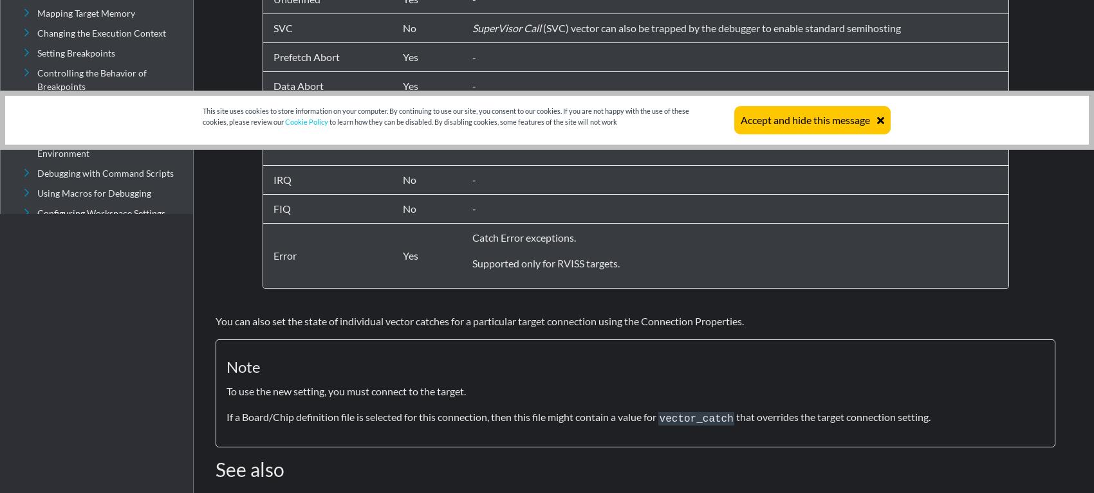  Describe the element at coordinates (696, 418) in the screenshot. I see `'vector_catch'` at that location.